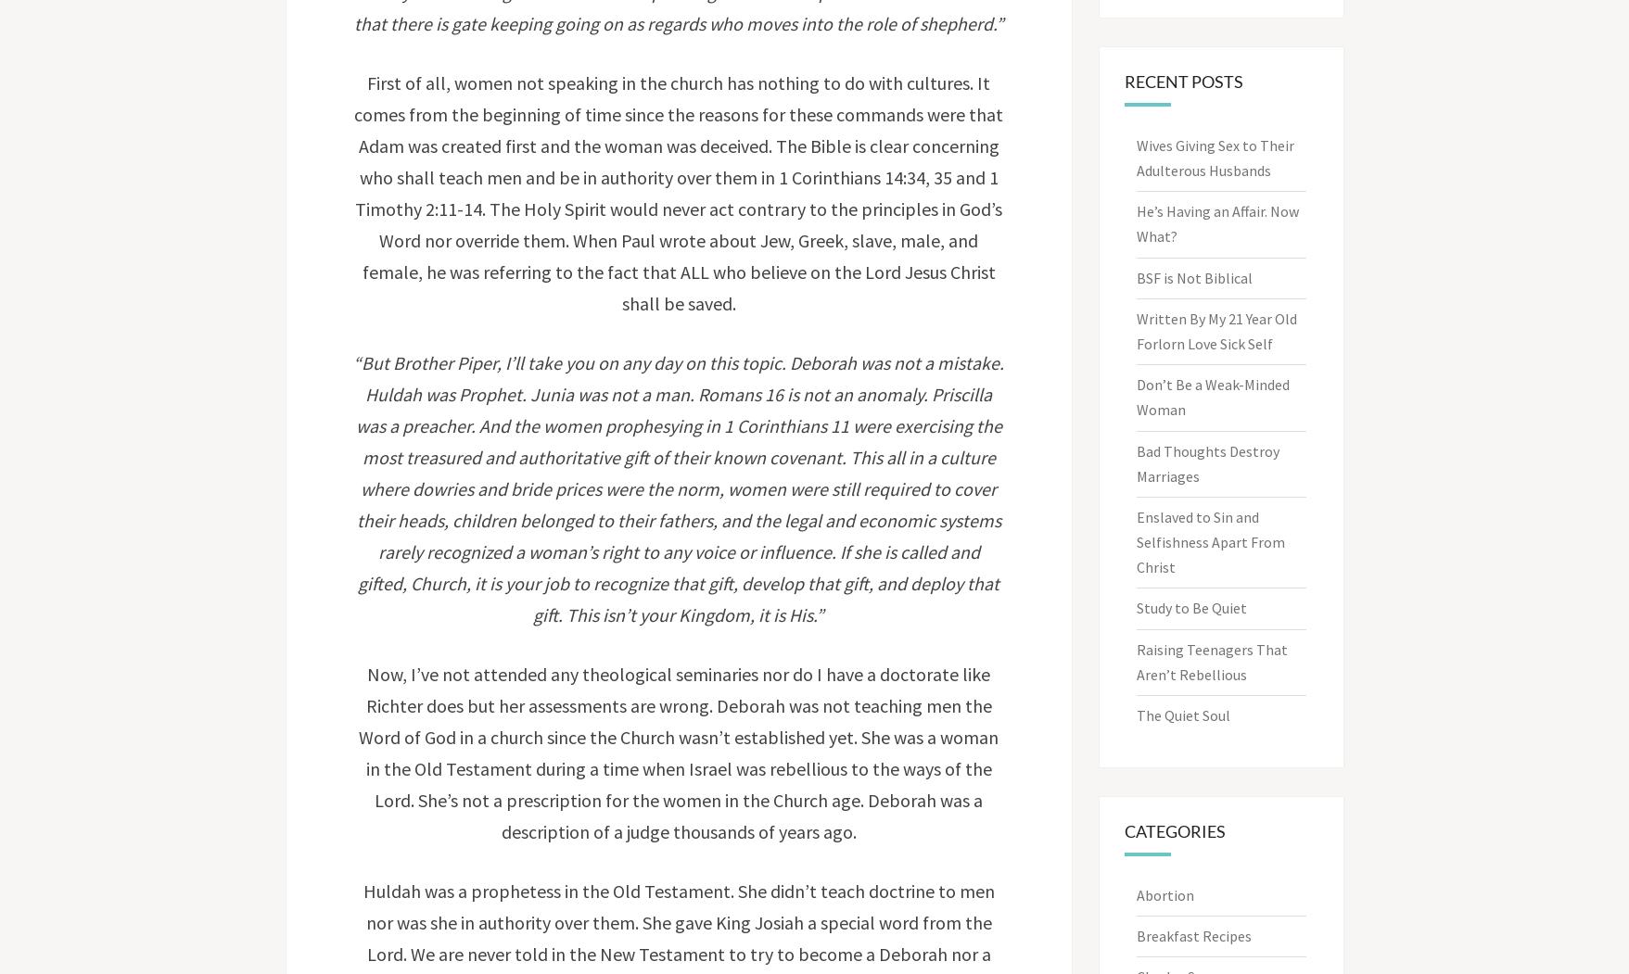 This screenshot has width=1629, height=974. What do you see at coordinates (1194, 276) in the screenshot?
I see `'BSF is Not Biblical'` at bounding box center [1194, 276].